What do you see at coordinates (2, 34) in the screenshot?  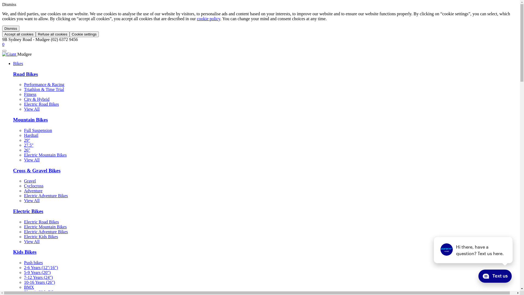 I see `'Accept all cookies'` at bounding box center [2, 34].